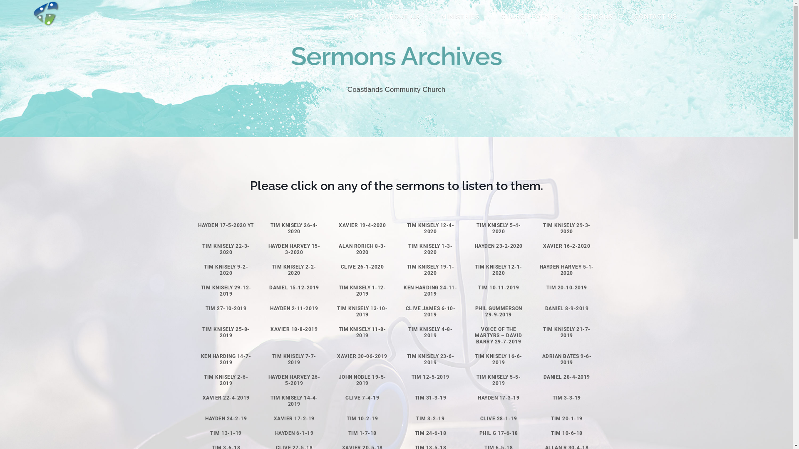  Describe the element at coordinates (627, 16) in the screenshot. I see `'CONTACT US'` at that location.